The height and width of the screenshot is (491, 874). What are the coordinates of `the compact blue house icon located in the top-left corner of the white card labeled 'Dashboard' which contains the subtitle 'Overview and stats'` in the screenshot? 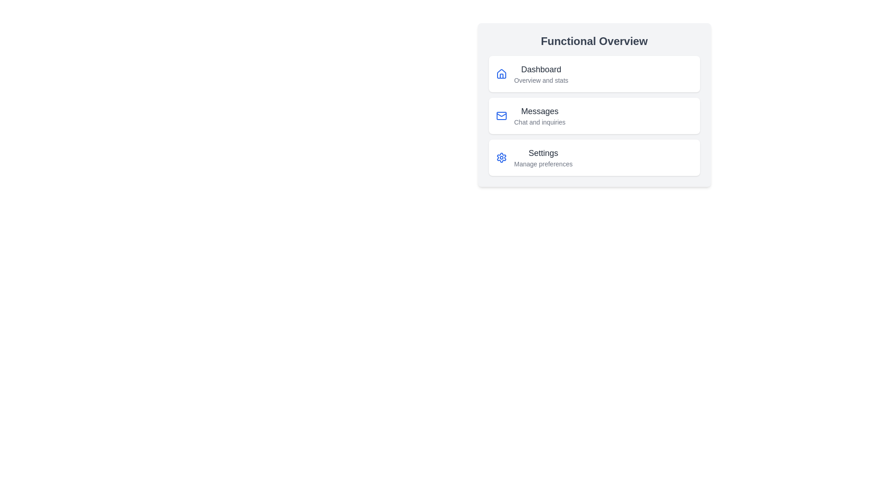 It's located at (501, 73).